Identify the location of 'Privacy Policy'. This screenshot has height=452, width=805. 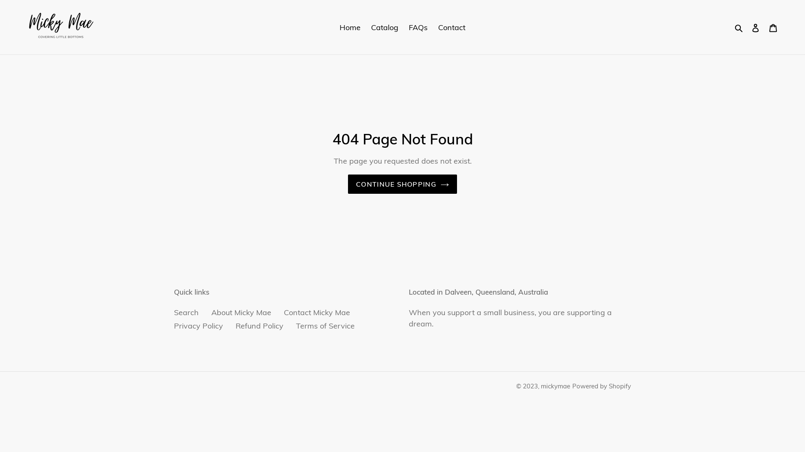
(198, 325).